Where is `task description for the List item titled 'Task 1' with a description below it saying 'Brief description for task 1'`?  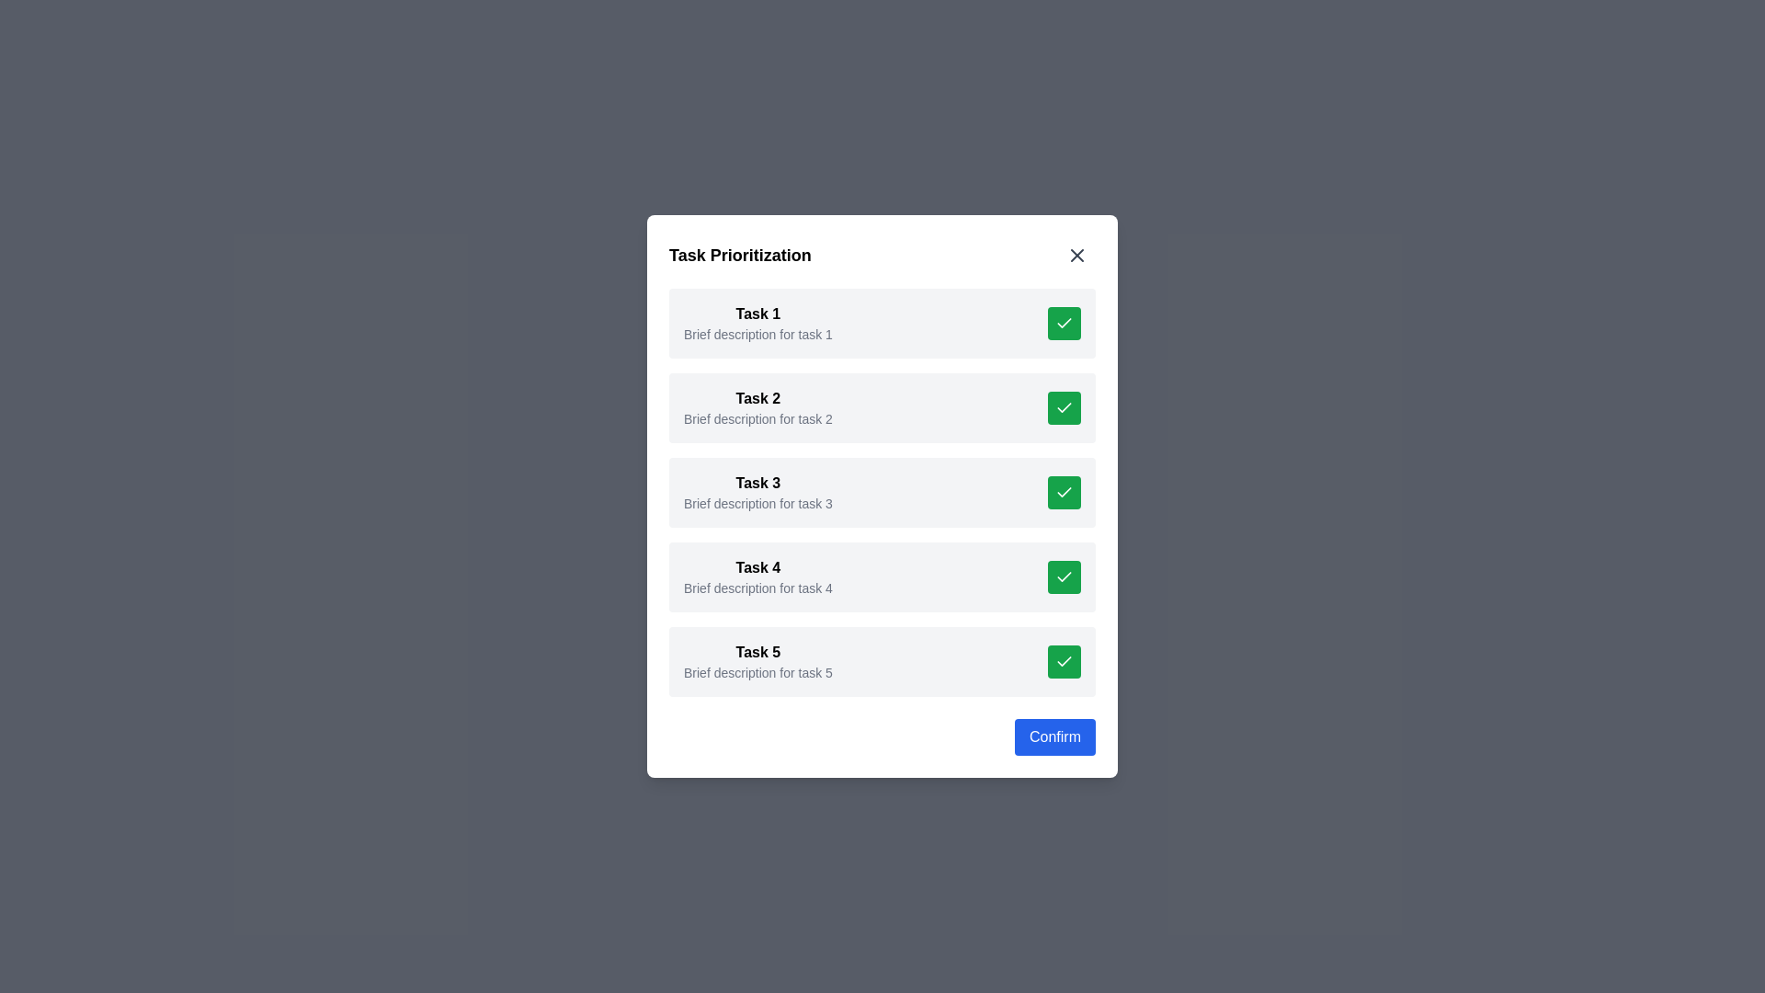 task description for the List item titled 'Task 1' with a description below it saying 'Brief description for task 1' is located at coordinates (882, 322).